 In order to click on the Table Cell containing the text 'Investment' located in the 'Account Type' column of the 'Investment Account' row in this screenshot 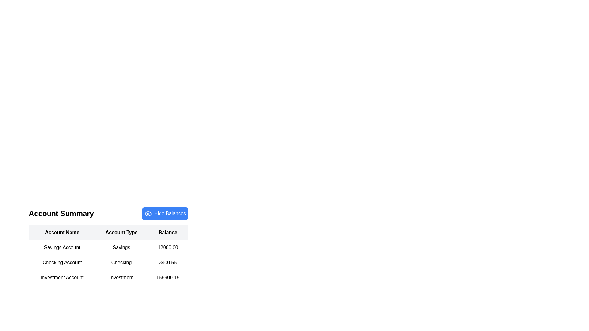, I will do `click(121, 277)`.